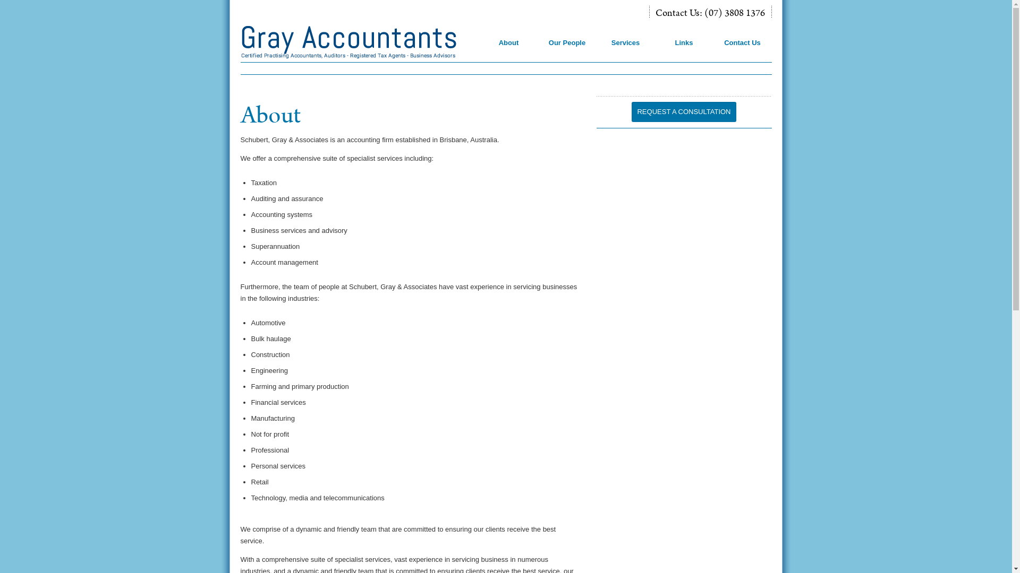  Describe the element at coordinates (710, 14) in the screenshot. I see `'Contact Us: (07) 3808 1376'` at that location.